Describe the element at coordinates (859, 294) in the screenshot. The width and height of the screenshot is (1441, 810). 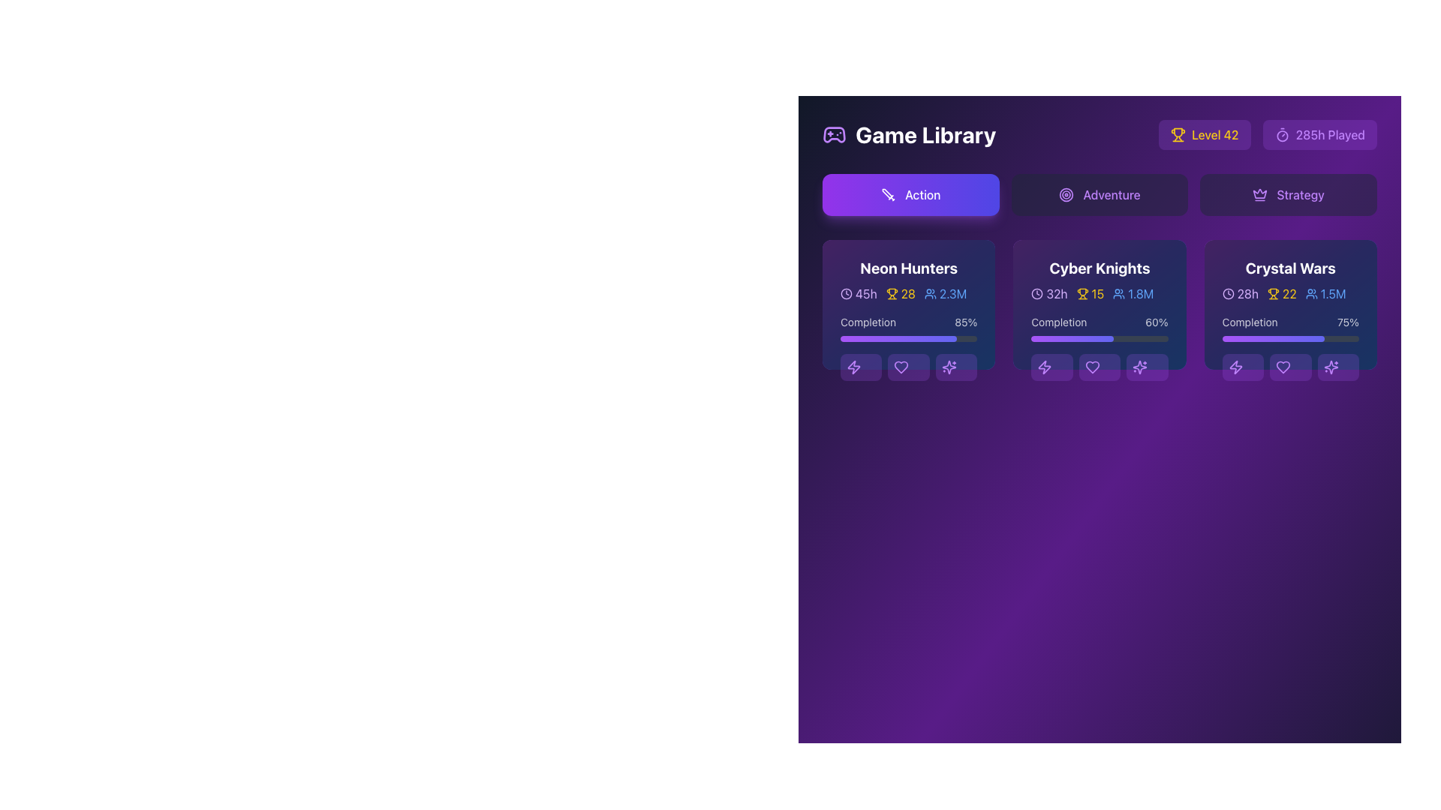
I see `the label with an icon that indicates the total time spent on the game, which is located in the top-left section of the 'Neon Hunters' card` at that location.